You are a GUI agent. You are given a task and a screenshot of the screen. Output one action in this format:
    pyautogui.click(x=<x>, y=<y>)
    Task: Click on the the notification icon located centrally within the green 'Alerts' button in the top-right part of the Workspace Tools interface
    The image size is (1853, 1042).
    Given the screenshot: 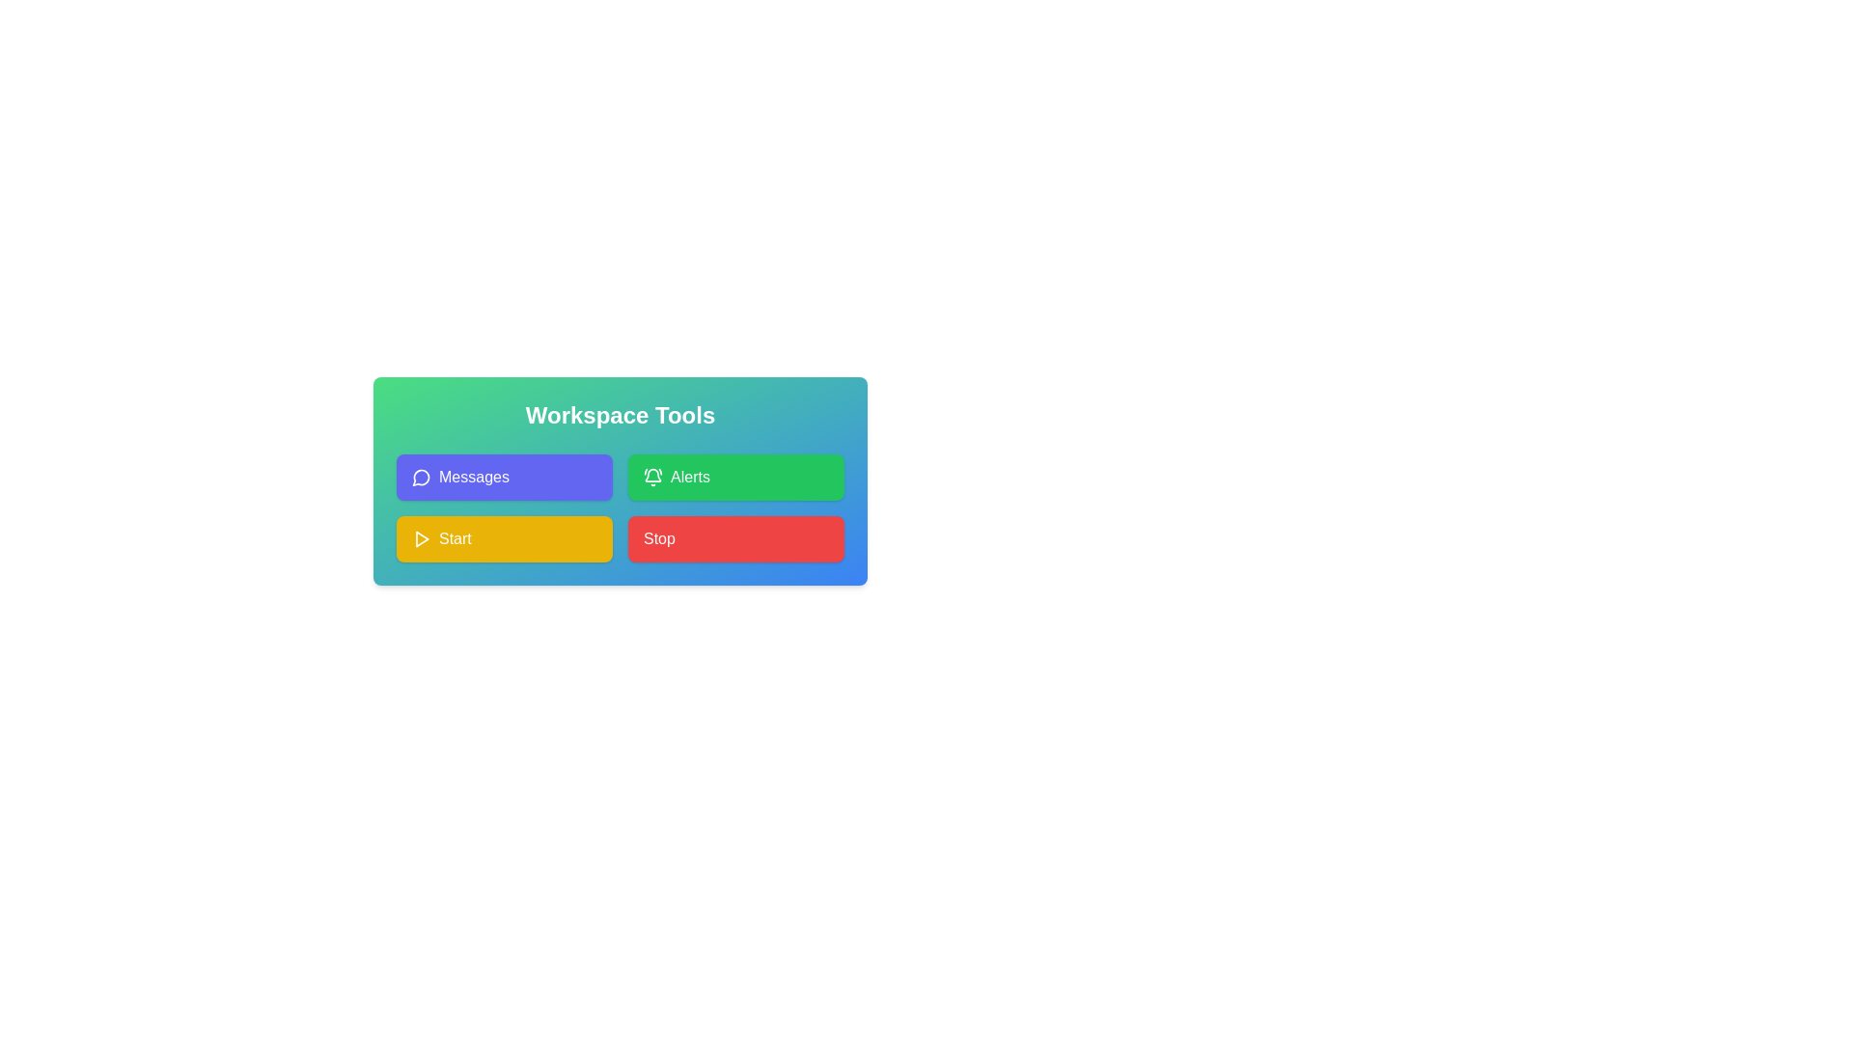 What is the action you would take?
    pyautogui.click(x=652, y=477)
    